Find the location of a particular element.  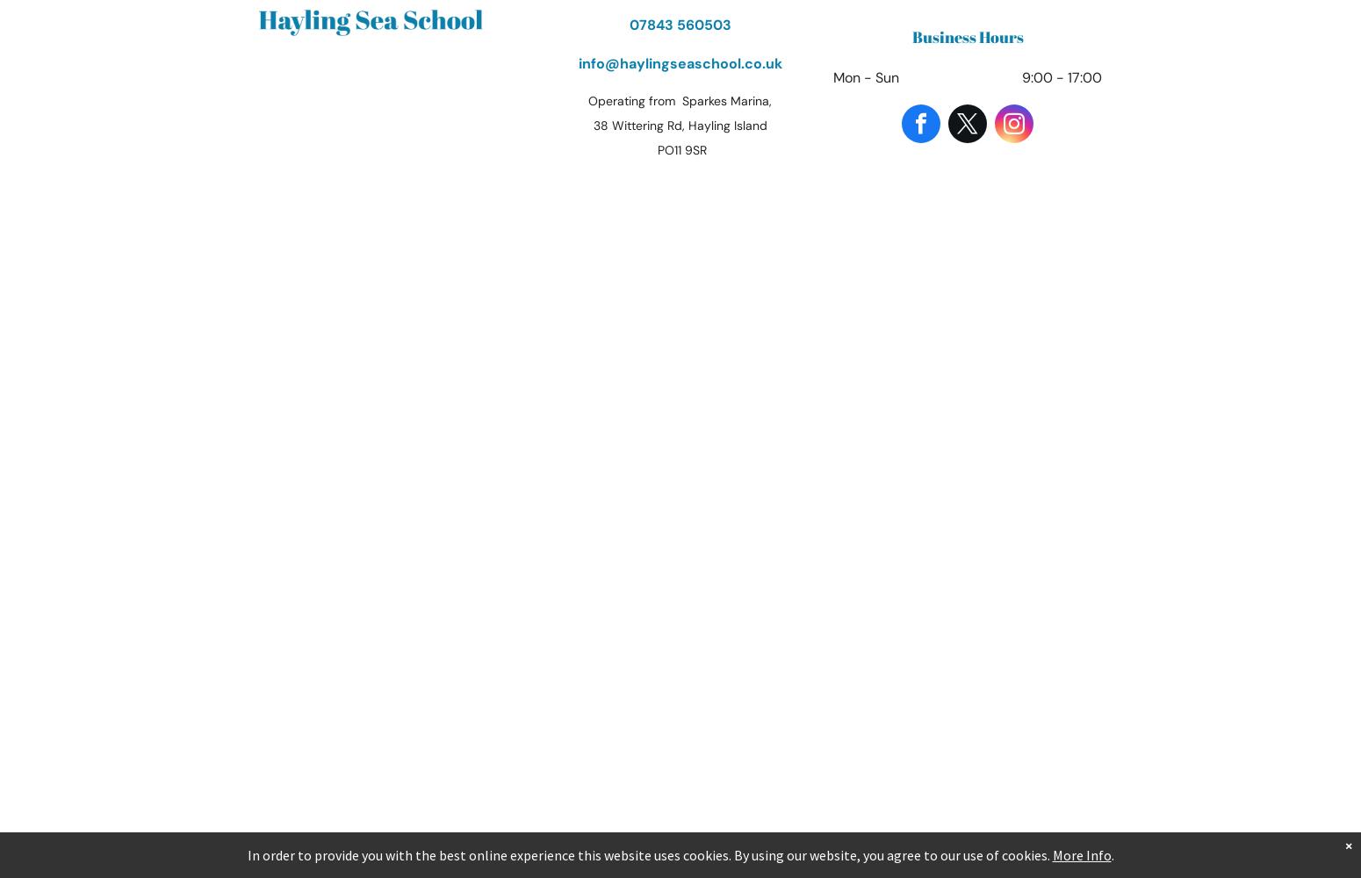

'-' is located at coordinates (1059, 76).